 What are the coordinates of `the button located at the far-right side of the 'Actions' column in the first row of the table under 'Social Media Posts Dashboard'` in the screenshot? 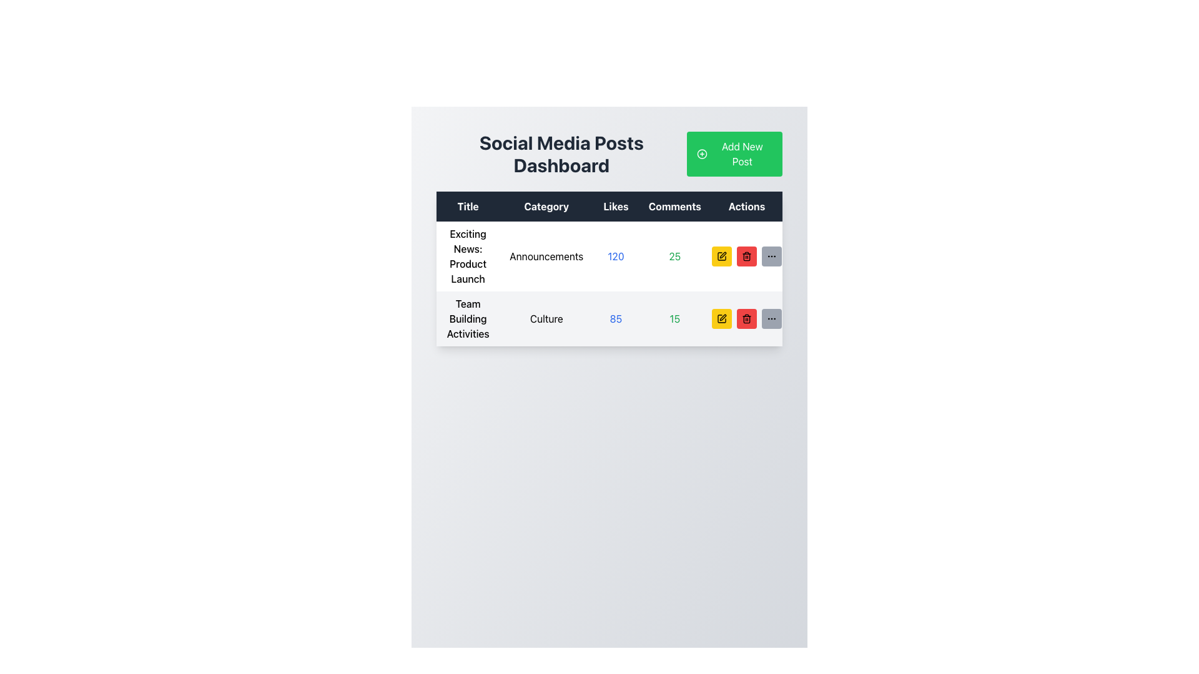 It's located at (771, 256).